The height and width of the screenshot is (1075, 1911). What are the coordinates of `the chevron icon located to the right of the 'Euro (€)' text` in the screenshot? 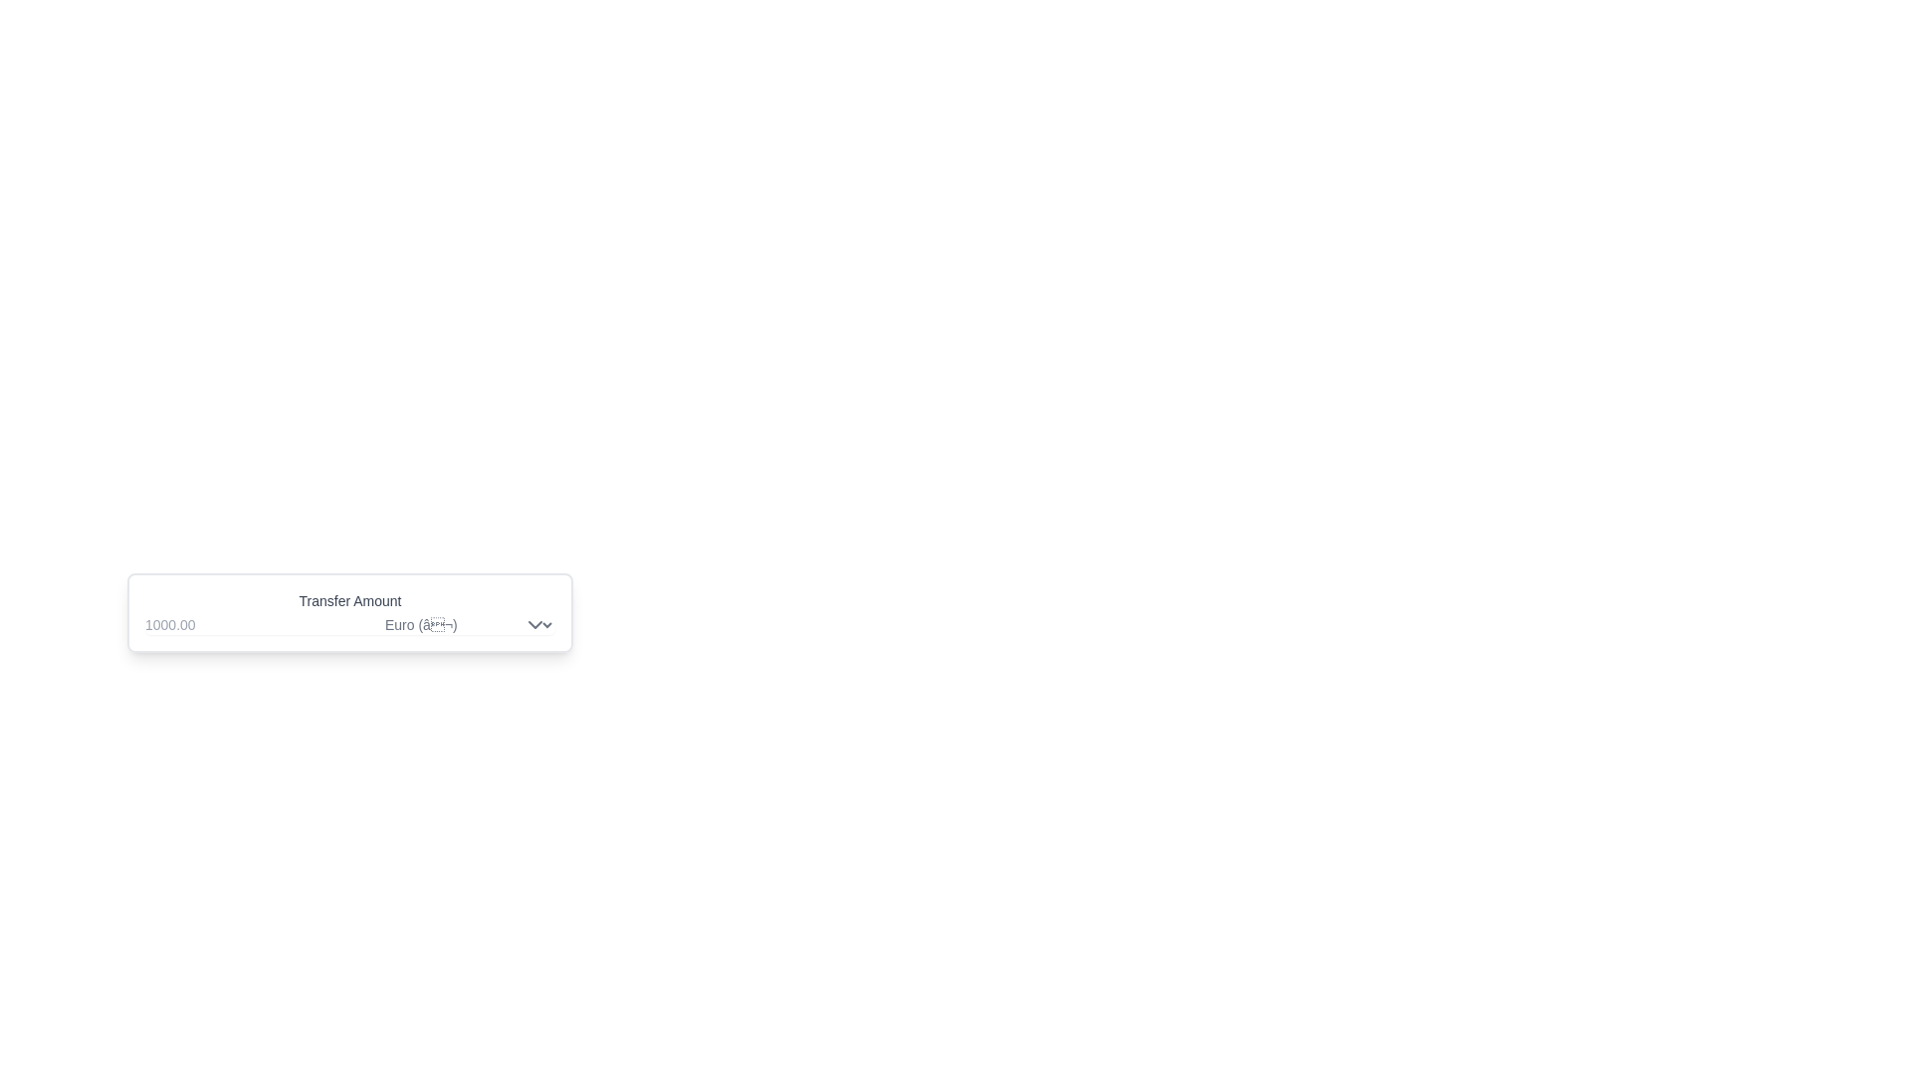 It's located at (534, 624).